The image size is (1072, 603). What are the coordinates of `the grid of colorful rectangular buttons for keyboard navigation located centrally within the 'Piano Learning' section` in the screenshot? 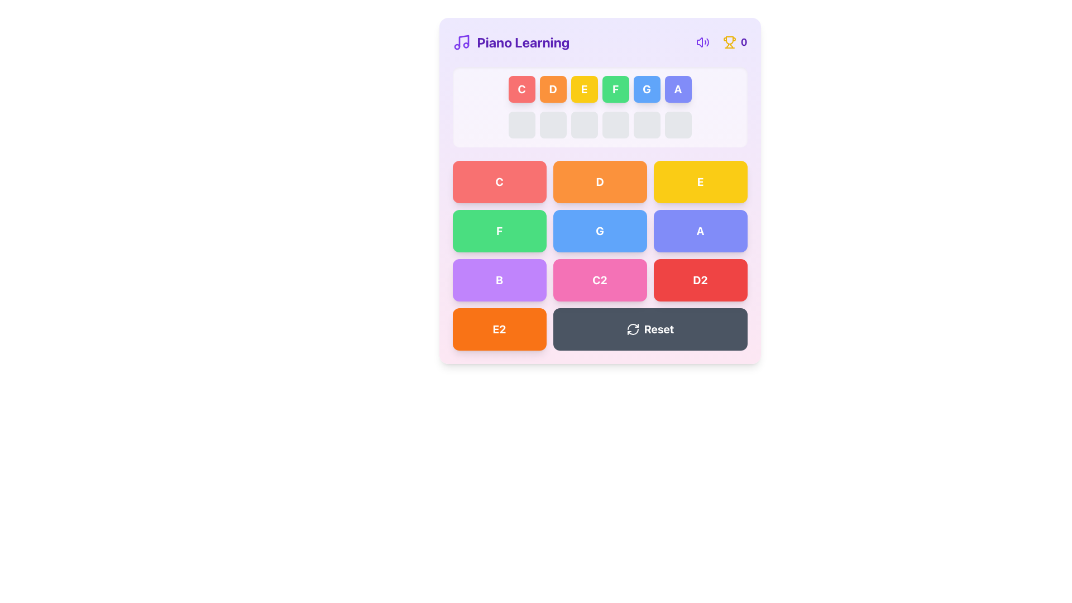 It's located at (599, 256).